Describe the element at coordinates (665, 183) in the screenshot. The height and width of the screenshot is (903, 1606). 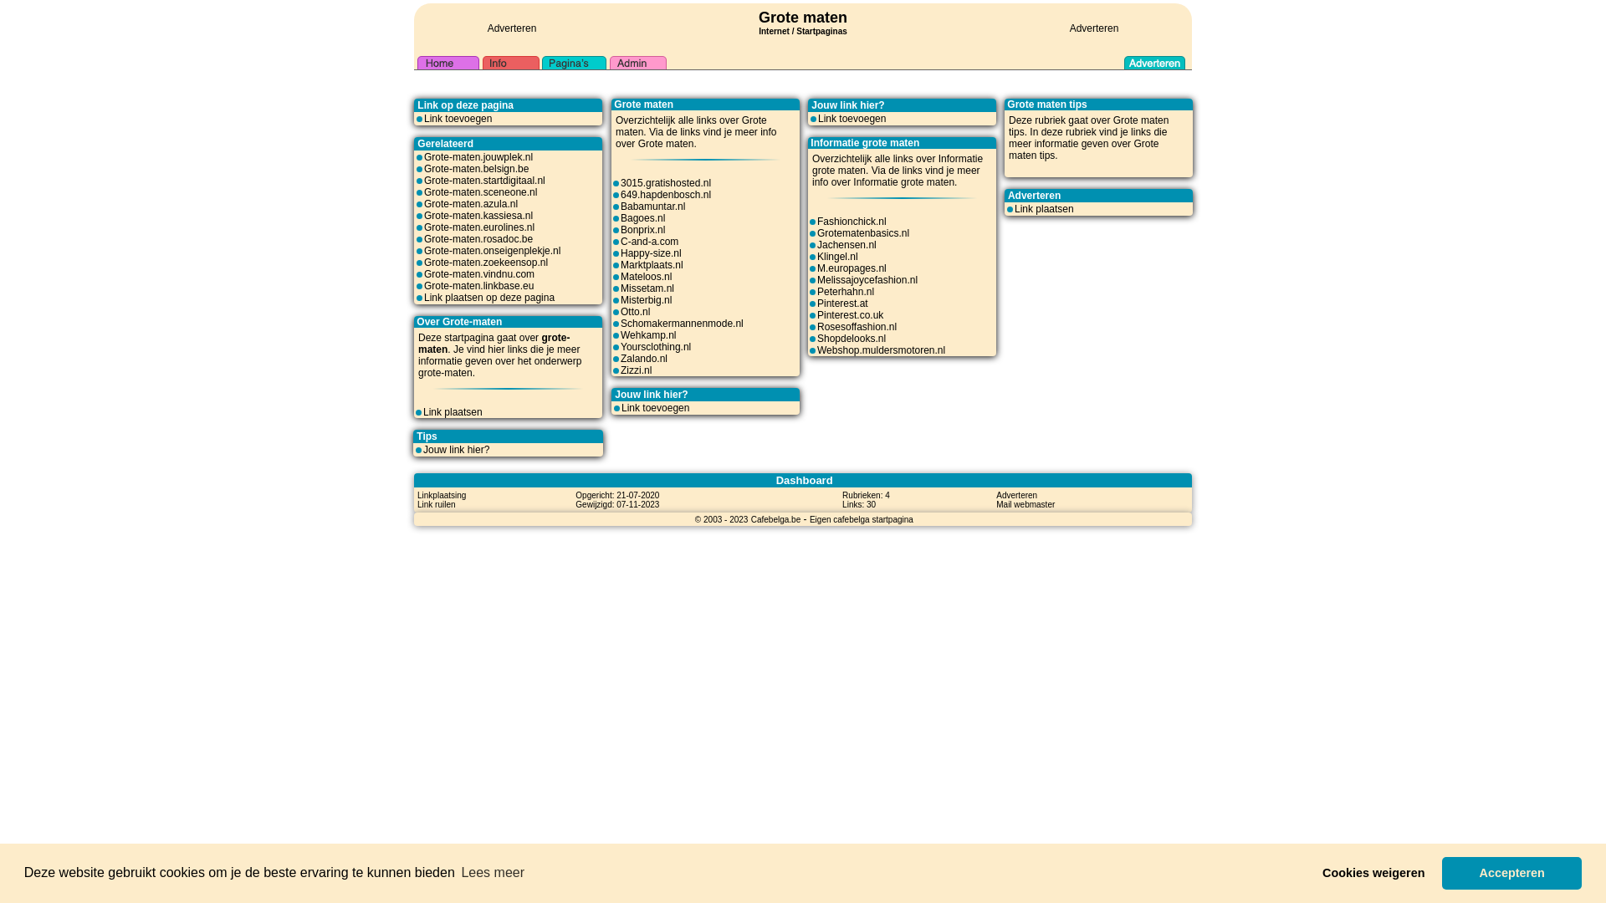
I see `'3015.gratishosted.nl'` at that location.